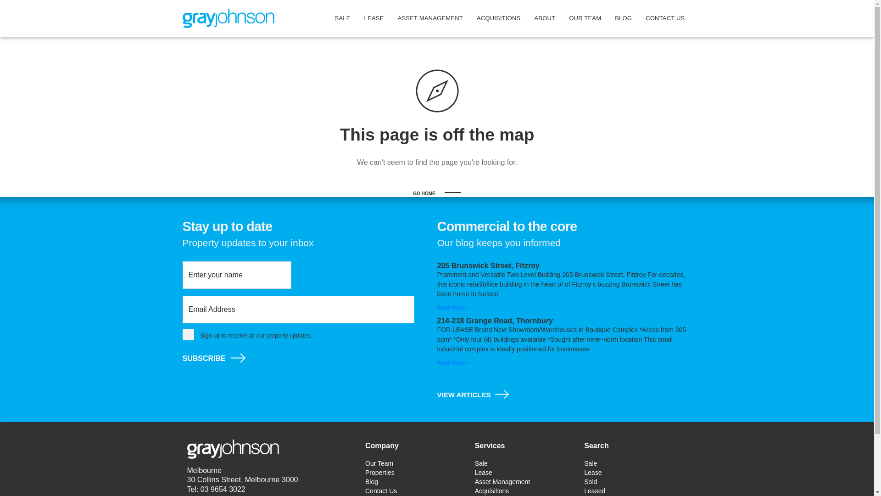  Describe the element at coordinates (634, 490) in the screenshot. I see `'Leased'` at that location.